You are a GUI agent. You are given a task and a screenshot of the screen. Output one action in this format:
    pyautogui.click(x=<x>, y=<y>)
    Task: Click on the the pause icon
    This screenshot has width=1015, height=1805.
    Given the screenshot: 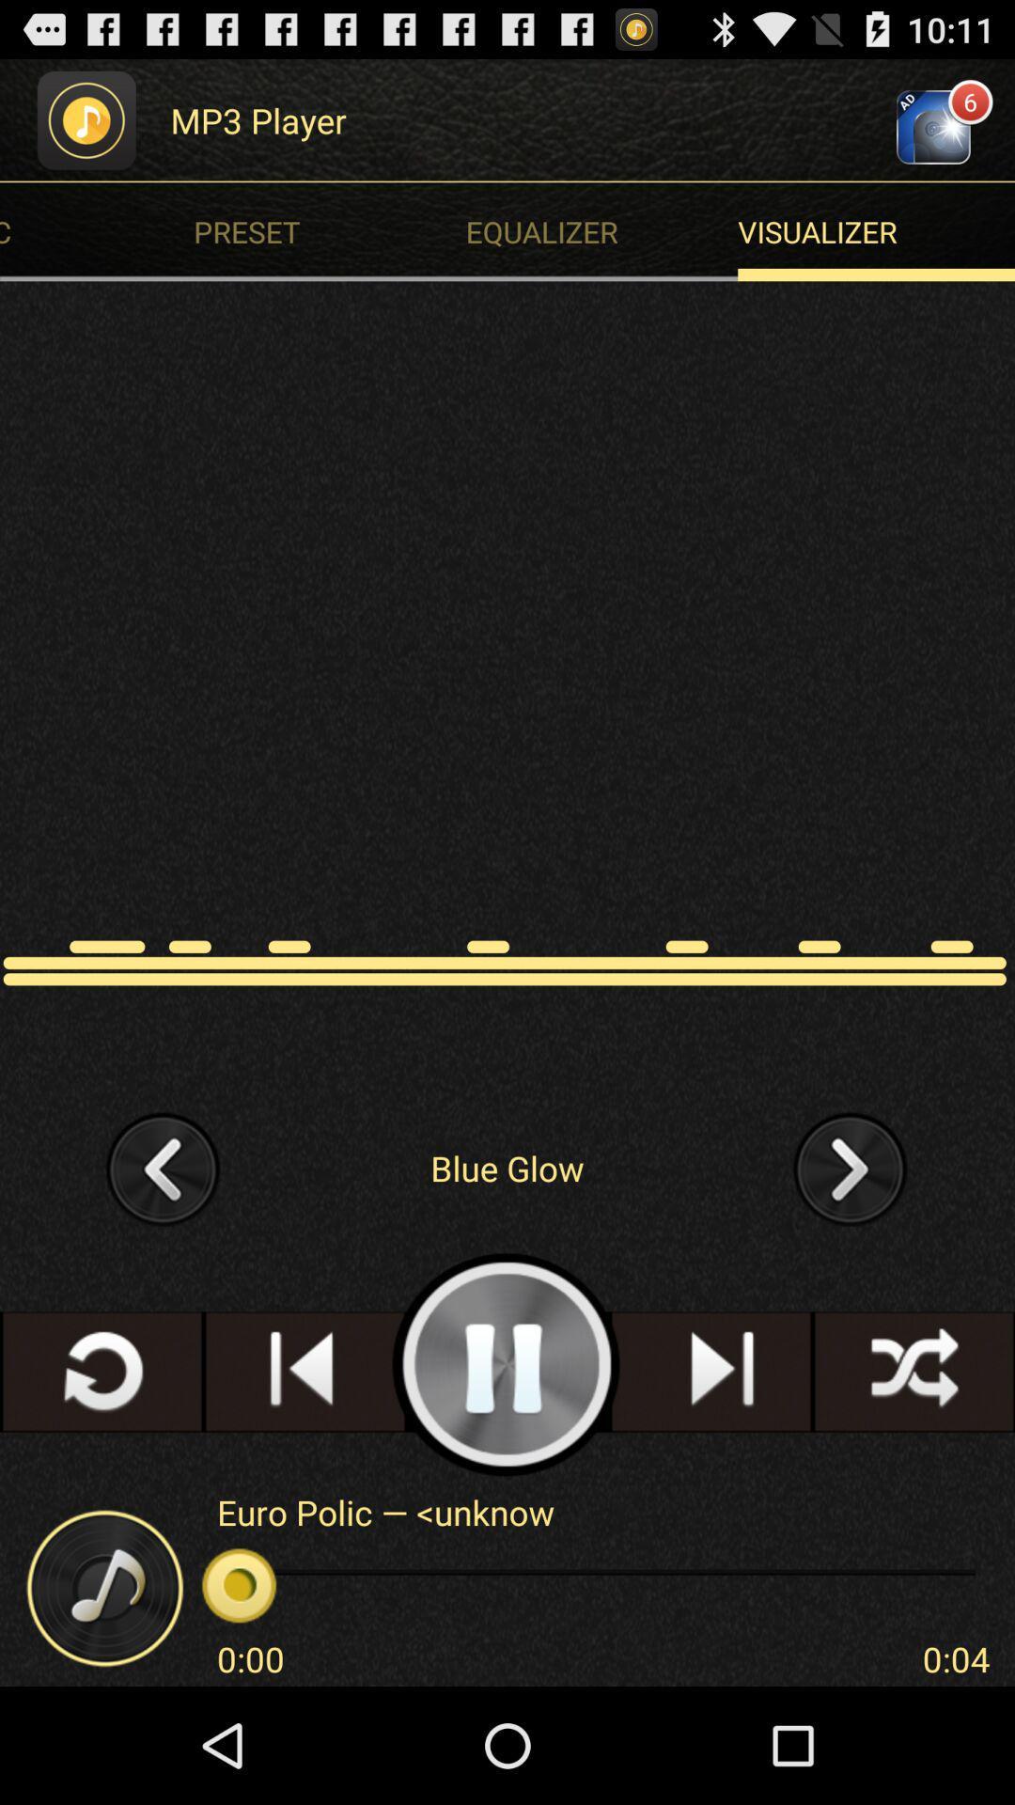 What is the action you would take?
    pyautogui.click(x=506, y=1460)
    